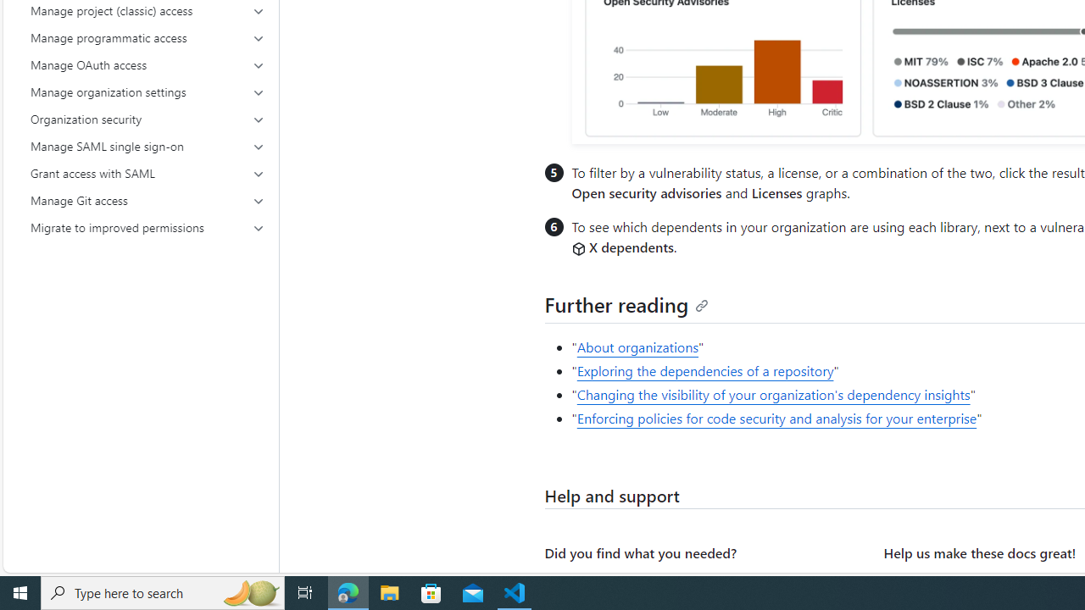 This screenshot has width=1085, height=610. What do you see at coordinates (147, 173) in the screenshot?
I see `'Grant access with SAML'` at bounding box center [147, 173].